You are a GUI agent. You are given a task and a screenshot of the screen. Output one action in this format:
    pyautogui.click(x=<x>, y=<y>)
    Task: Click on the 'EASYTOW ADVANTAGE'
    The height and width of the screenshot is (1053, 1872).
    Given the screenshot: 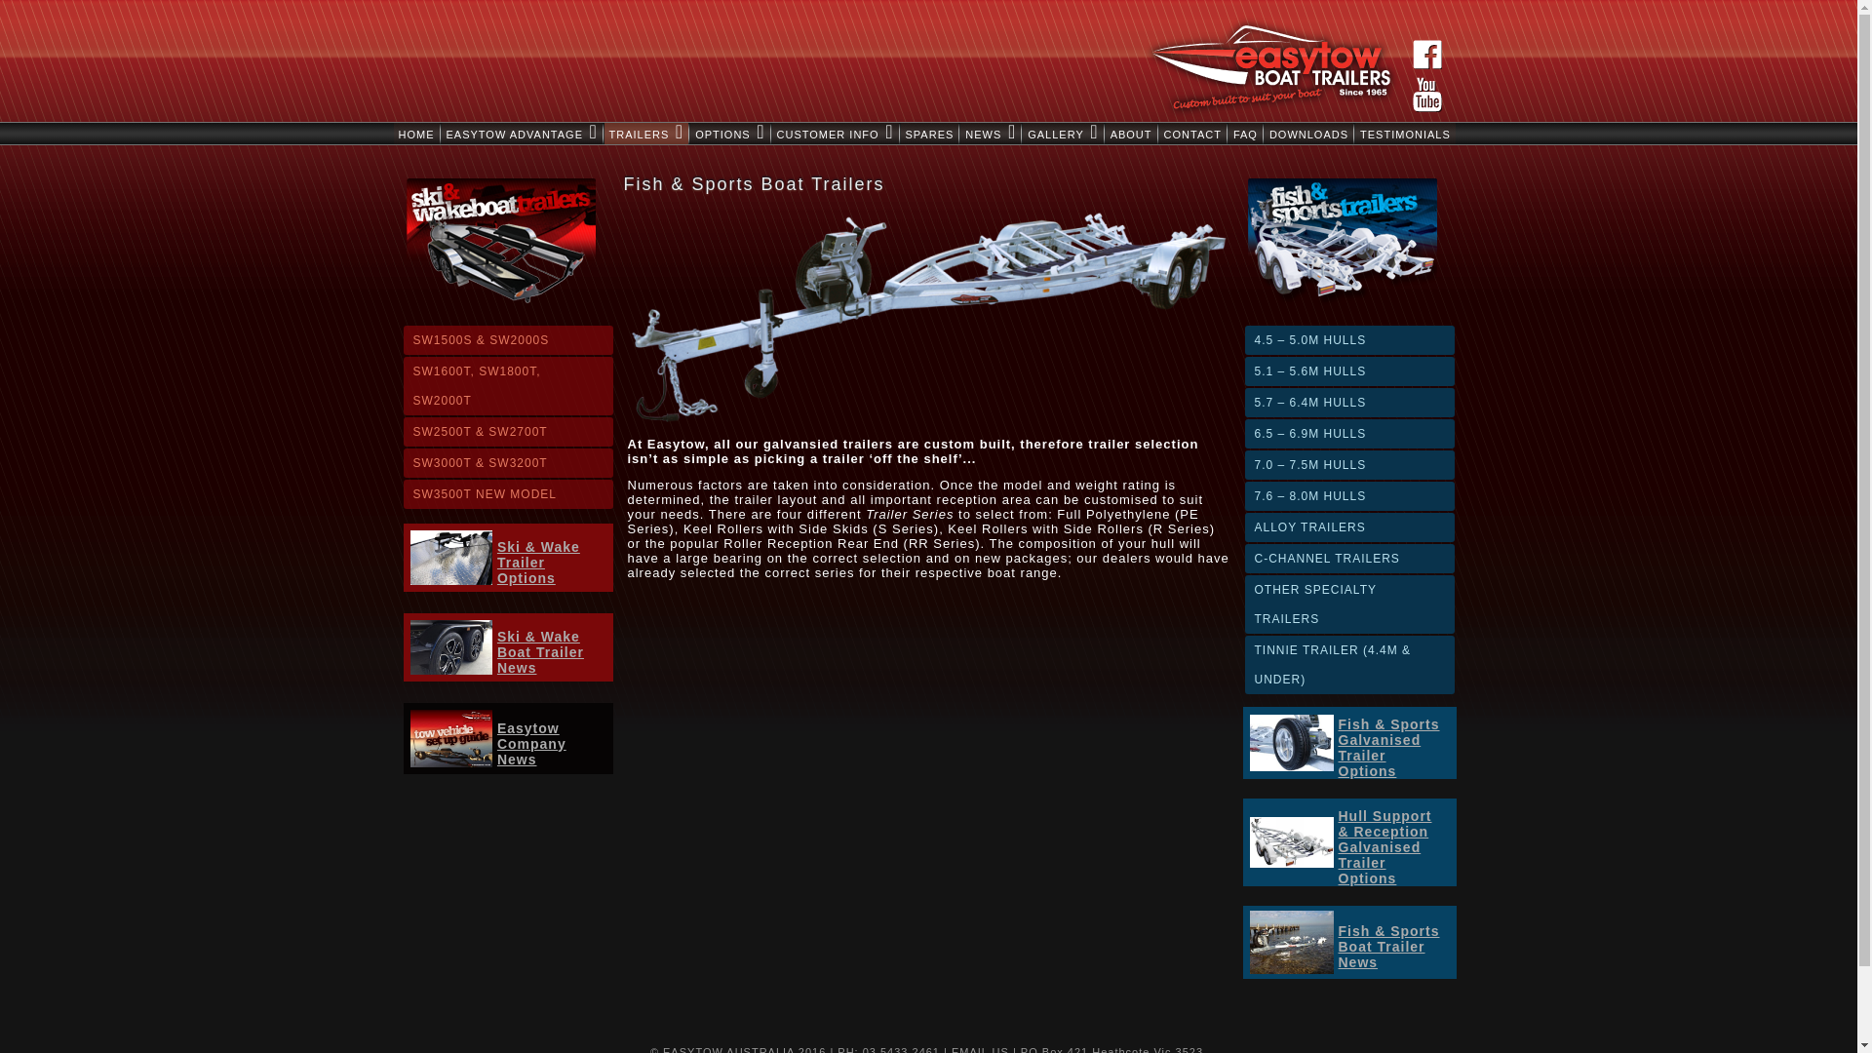 What is the action you would take?
    pyautogui.click(x=521, y=133)
    